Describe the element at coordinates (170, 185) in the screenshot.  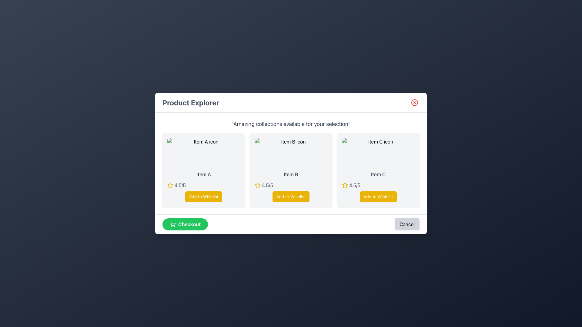
I see `the star icon with a golden-yellow outline located under the 'Item B' section, aligned left to the text '4.5/5'` at that location.